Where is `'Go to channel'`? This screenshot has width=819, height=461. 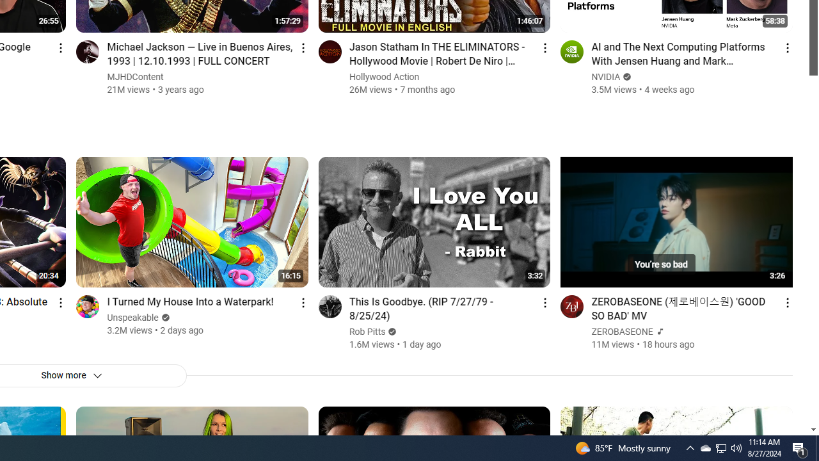
'Go to channel' is located at coordinates (571, 306).